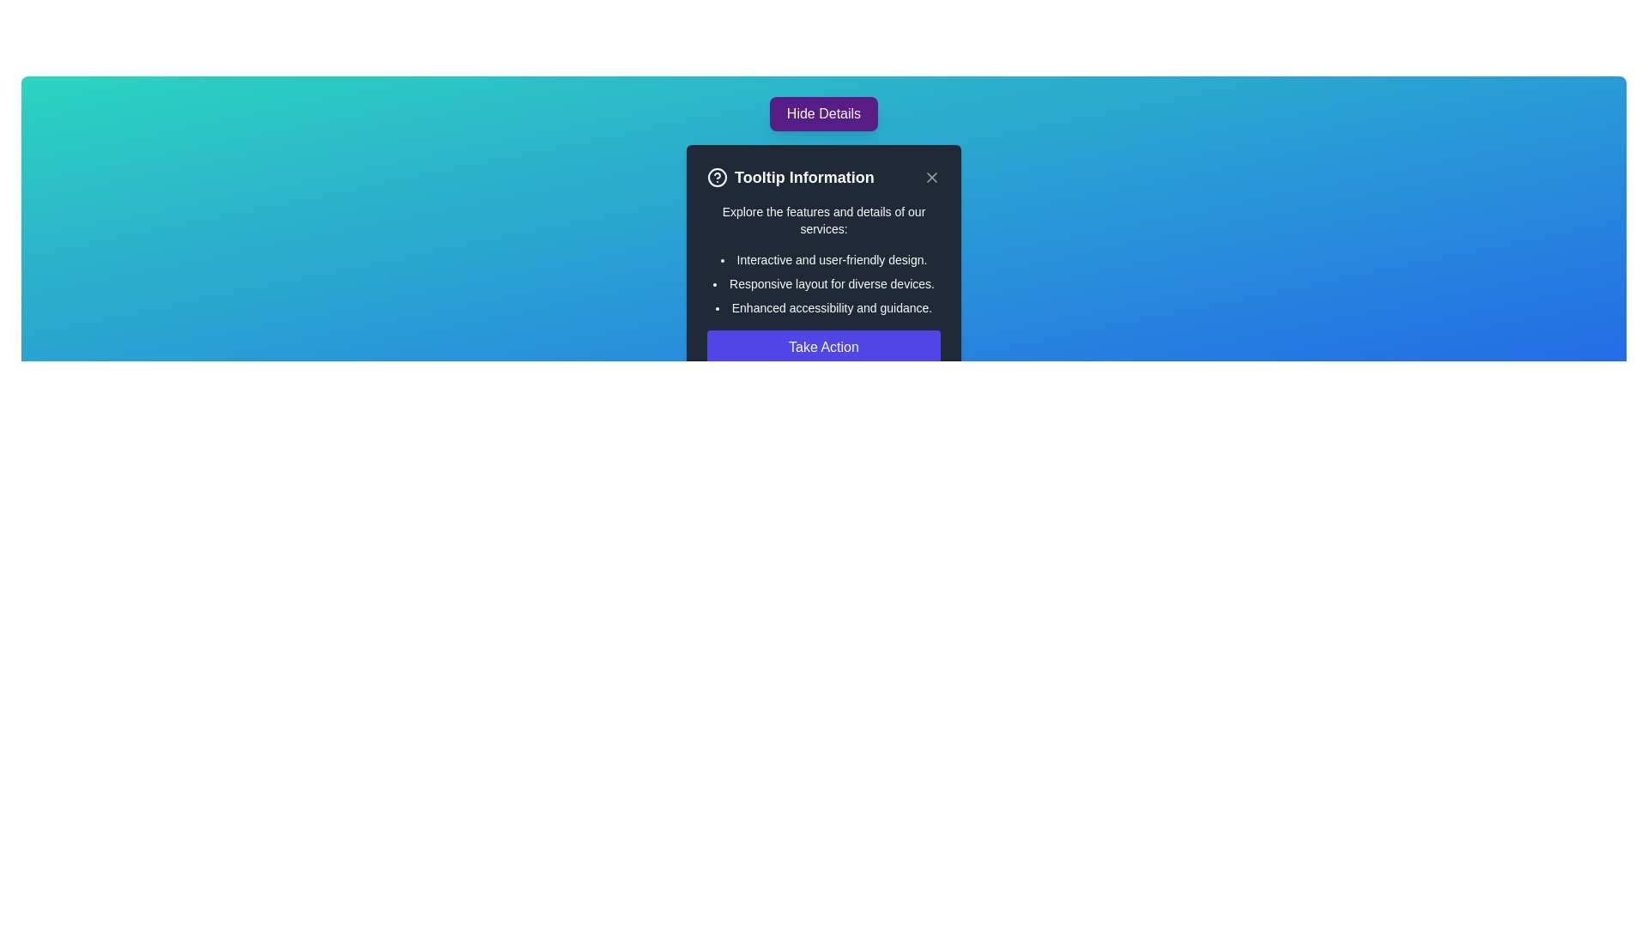  I want to click on the third item in the bulleted list that displays the phrase 'Enhanced accessibility and guidance.', so click(824, 306).